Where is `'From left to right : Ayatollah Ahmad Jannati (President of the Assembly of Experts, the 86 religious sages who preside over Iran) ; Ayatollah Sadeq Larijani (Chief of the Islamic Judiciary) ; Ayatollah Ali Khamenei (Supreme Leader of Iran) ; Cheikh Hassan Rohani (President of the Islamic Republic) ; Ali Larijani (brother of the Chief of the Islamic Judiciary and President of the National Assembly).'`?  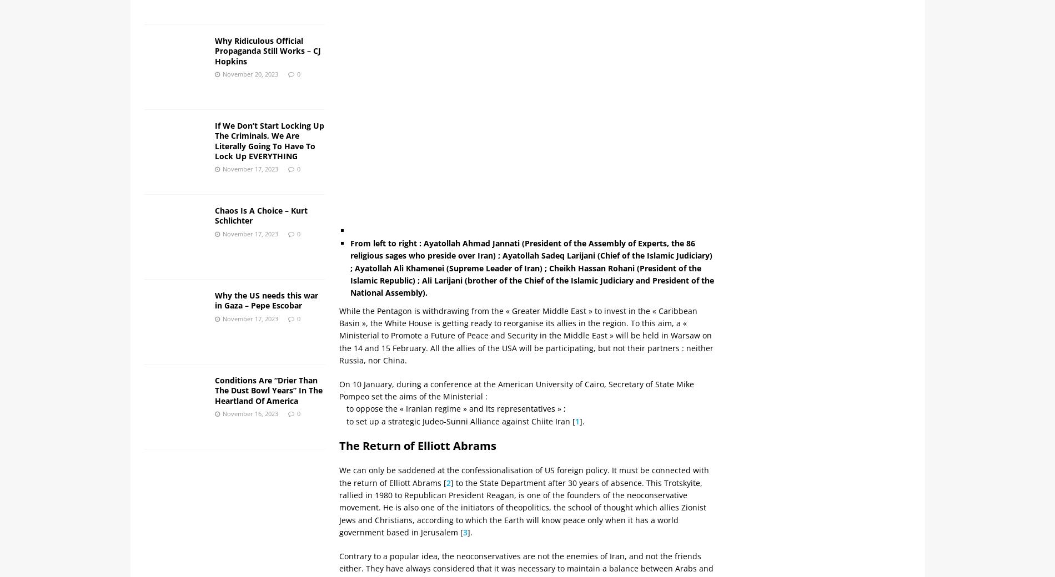 'From left to right : Ayatollah Ahmad Jannati (President of the Assembly of Experts, the 86 religious sages who preside over Iran) ; Ayatollah Sadeq Larijani (Chief of the Islamic Judiciary) ; Ayatollah Ali Khamenei (Supreme Leader of Iran) ; Cheikh Hassan Rohani (President of the Islamic Republic) ; Ali Larijani (brother of the Chief of the Islamic Judiciary and President of the National Assembly).' is located at coordinates (532, 267).